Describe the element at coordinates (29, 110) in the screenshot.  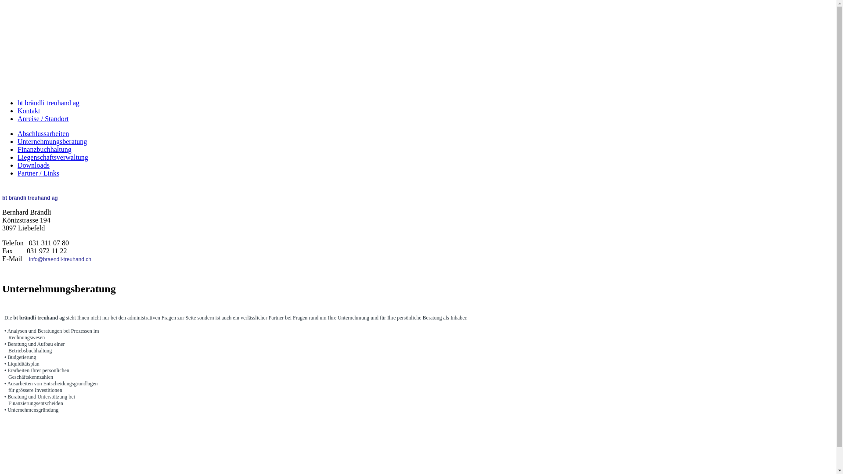
I see `'Kontakt'` at that location.